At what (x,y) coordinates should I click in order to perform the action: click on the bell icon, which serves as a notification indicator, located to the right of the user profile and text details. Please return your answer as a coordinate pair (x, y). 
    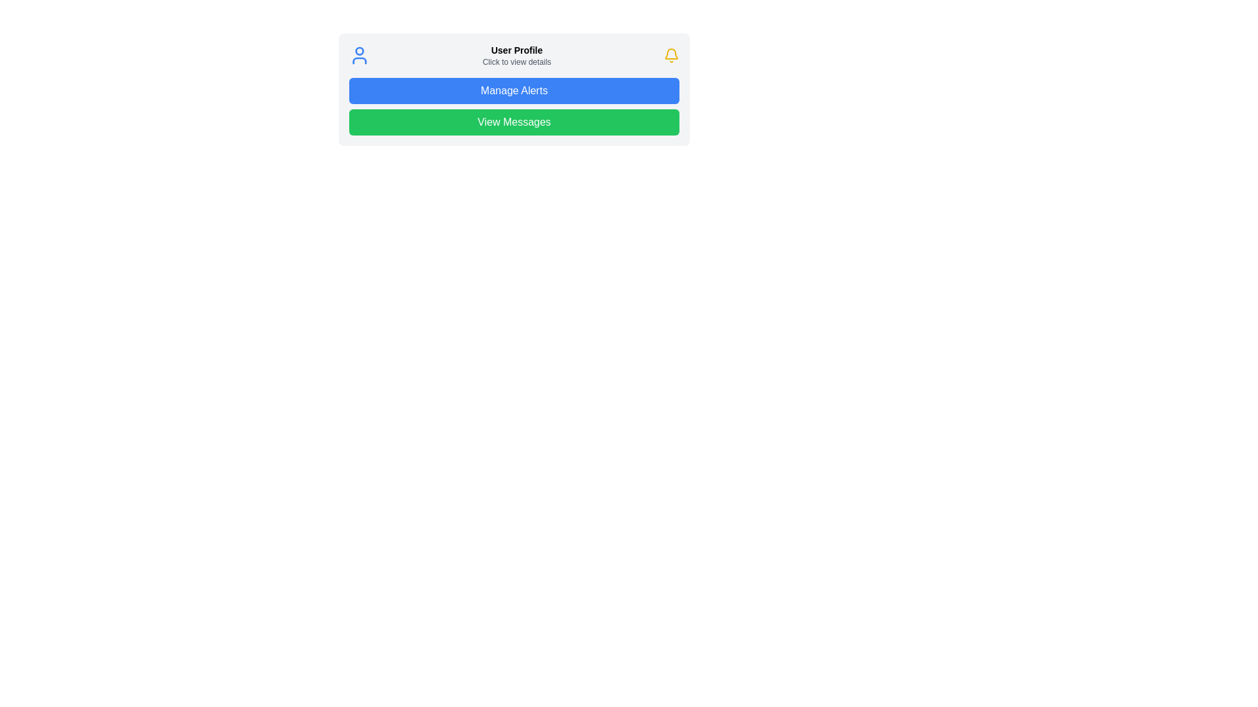
    Looking at the image, I should click on (672, 54).